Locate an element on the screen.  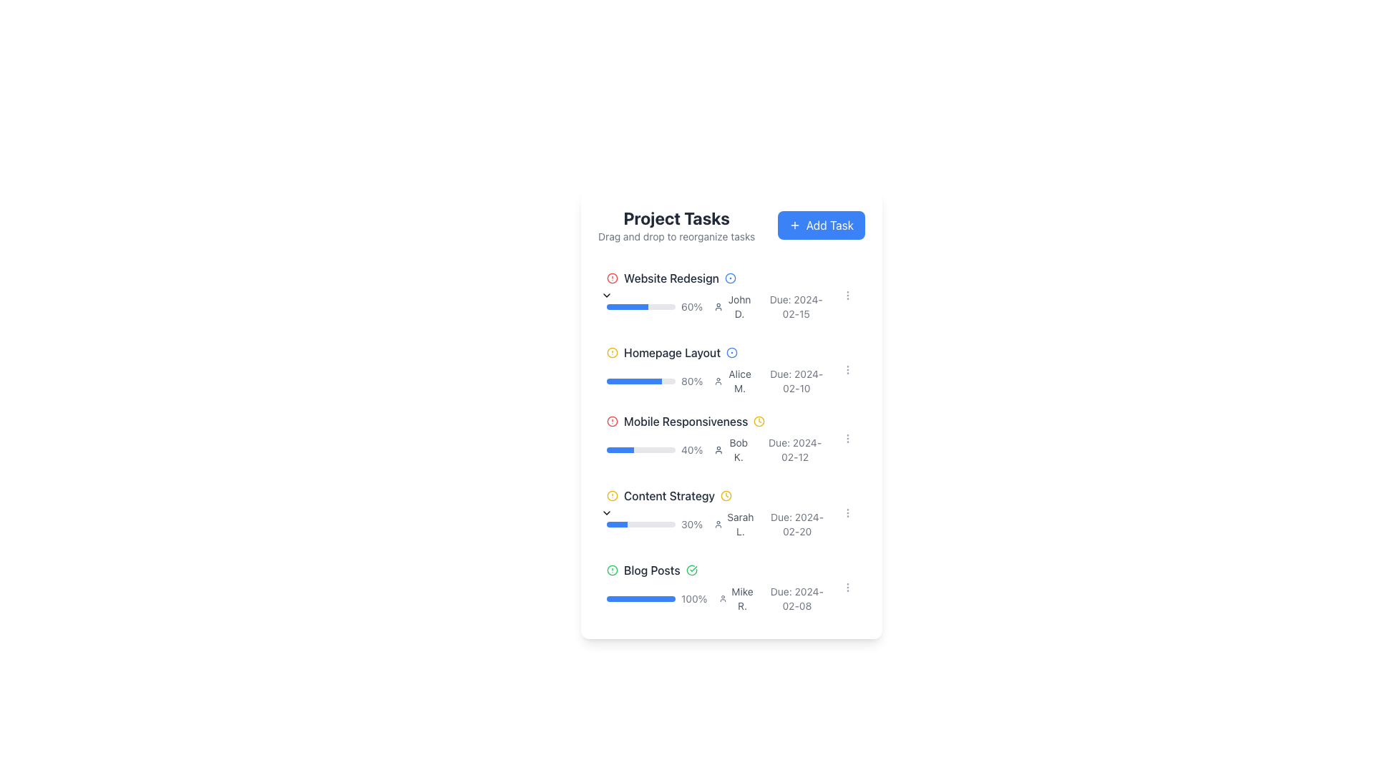
progress is located at coordinates (622, 449).